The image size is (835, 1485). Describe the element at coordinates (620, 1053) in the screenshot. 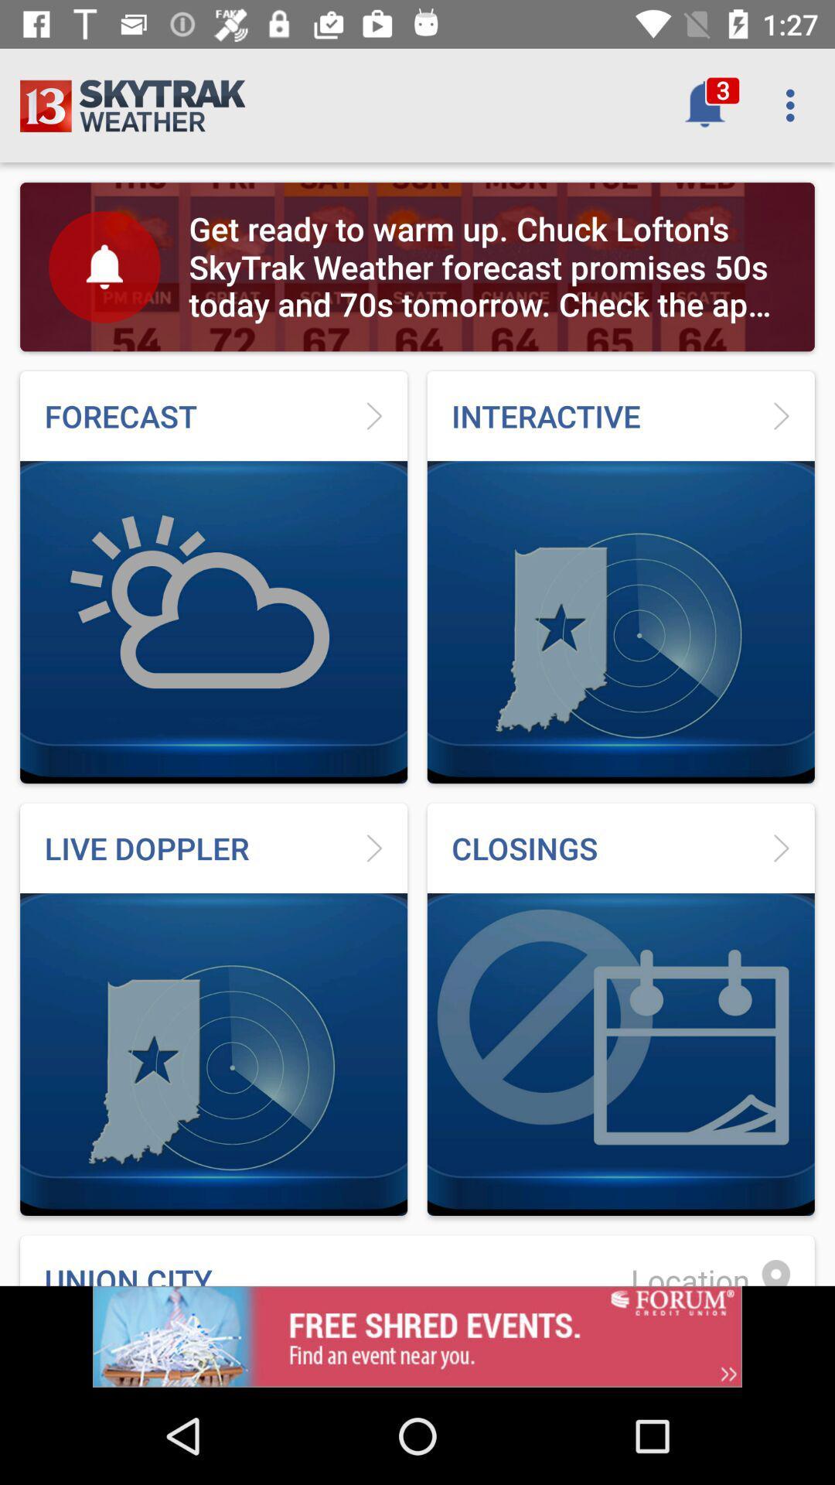

I see `the image under the text closing` at that location.